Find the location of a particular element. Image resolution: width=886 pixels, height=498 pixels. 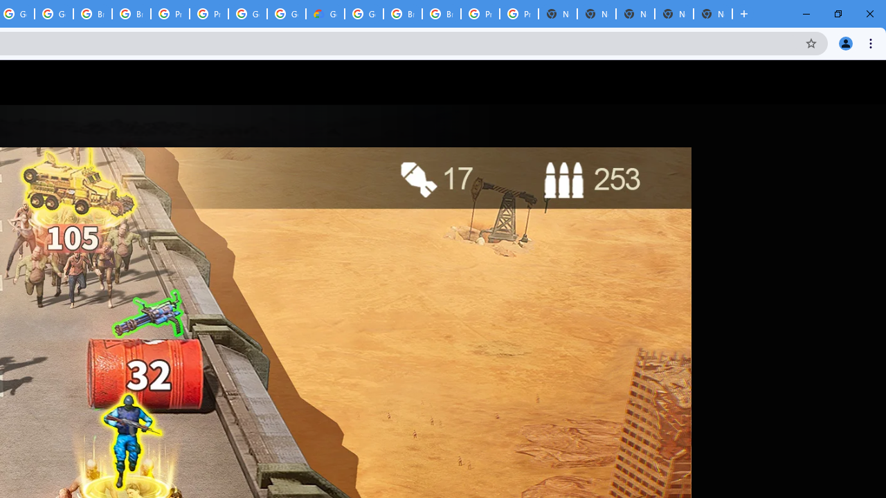

'Google Cloud Platform' is located at coordinates (364, 14).